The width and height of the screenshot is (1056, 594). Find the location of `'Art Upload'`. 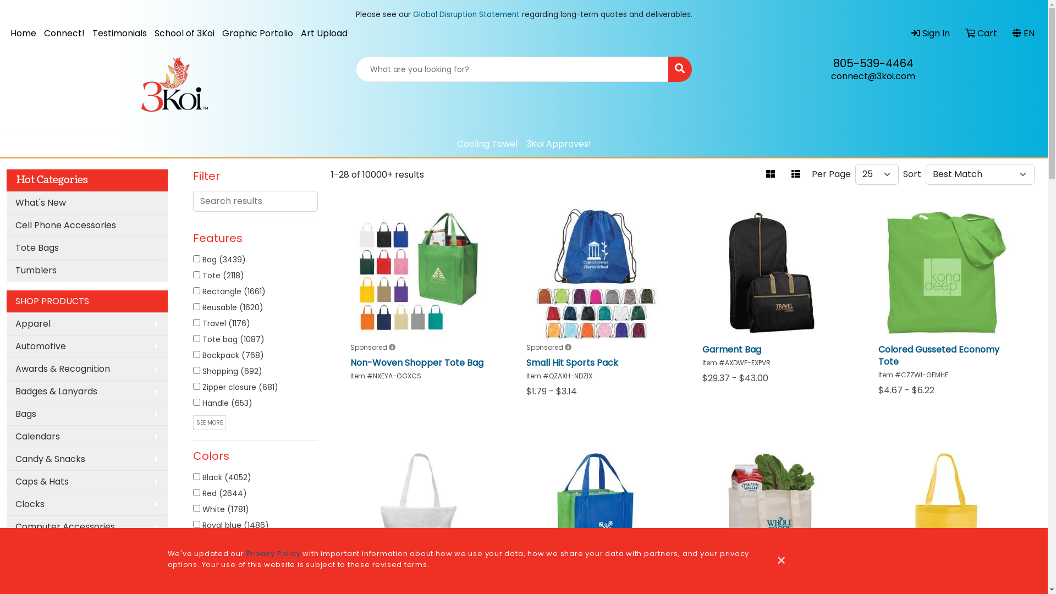

'Art Upload' is located at coordinates (323, 33).